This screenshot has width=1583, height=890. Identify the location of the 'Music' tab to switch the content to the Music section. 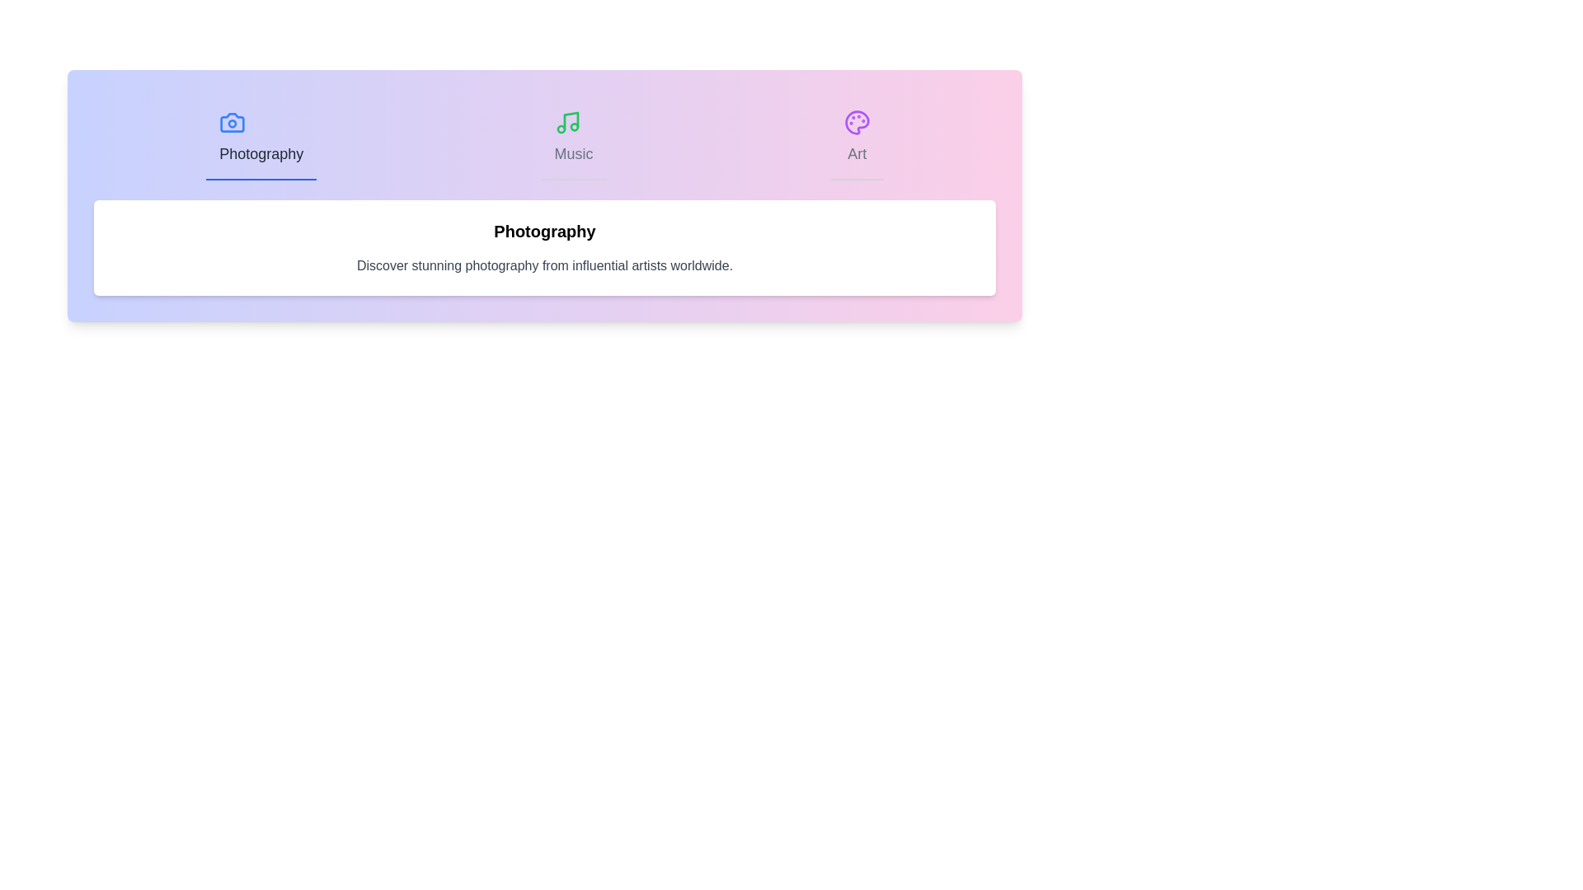
(574, 138).